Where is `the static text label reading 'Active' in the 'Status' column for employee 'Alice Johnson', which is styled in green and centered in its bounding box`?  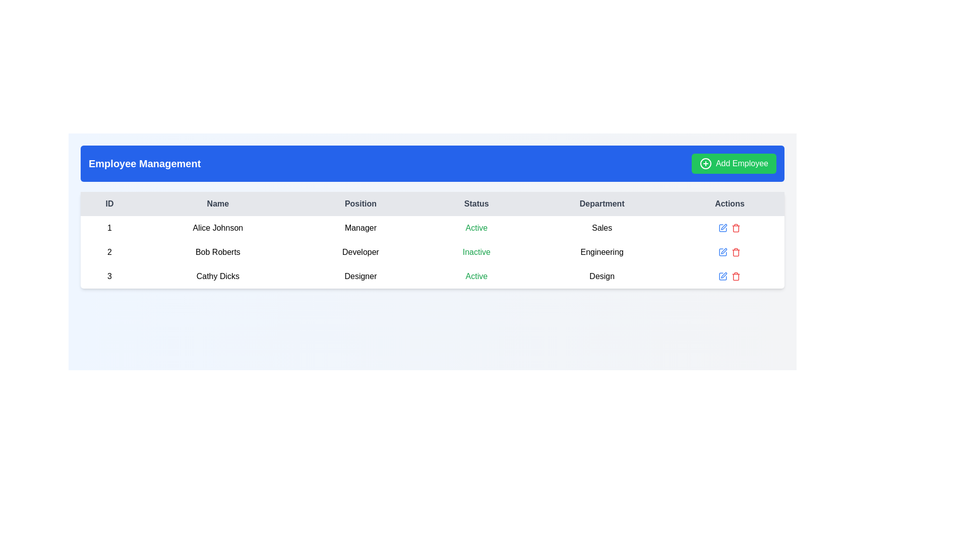
the static text label reading 'Active' in the 'Status' column for employee 'Alice Johnson', which is styled in green and centered in its bounding box is located at coordinates (476, 228).